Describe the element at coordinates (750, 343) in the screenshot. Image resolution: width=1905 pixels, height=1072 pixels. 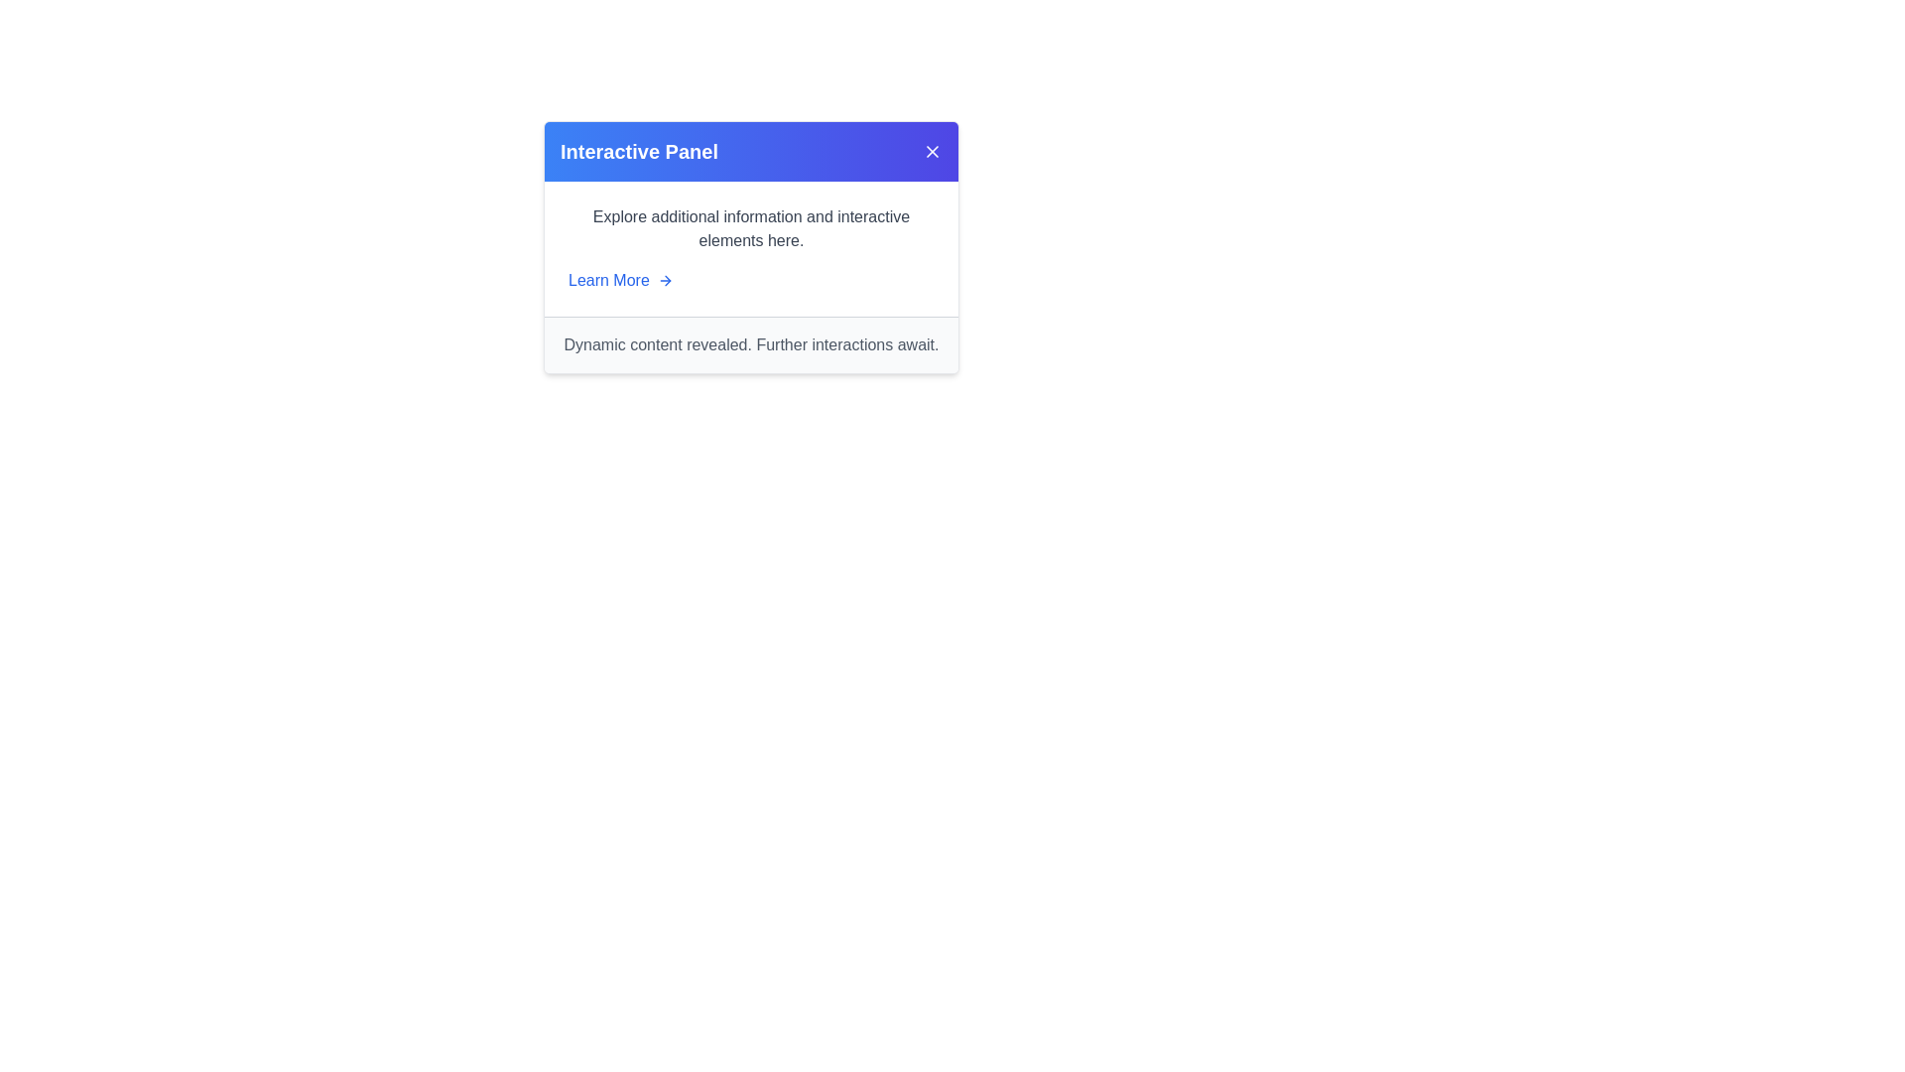
I see `the static text displaying 'Dynamic content revealed. Further interactions await.' which is located within a light gray section under the header 'Interactive Panel'` at that location.